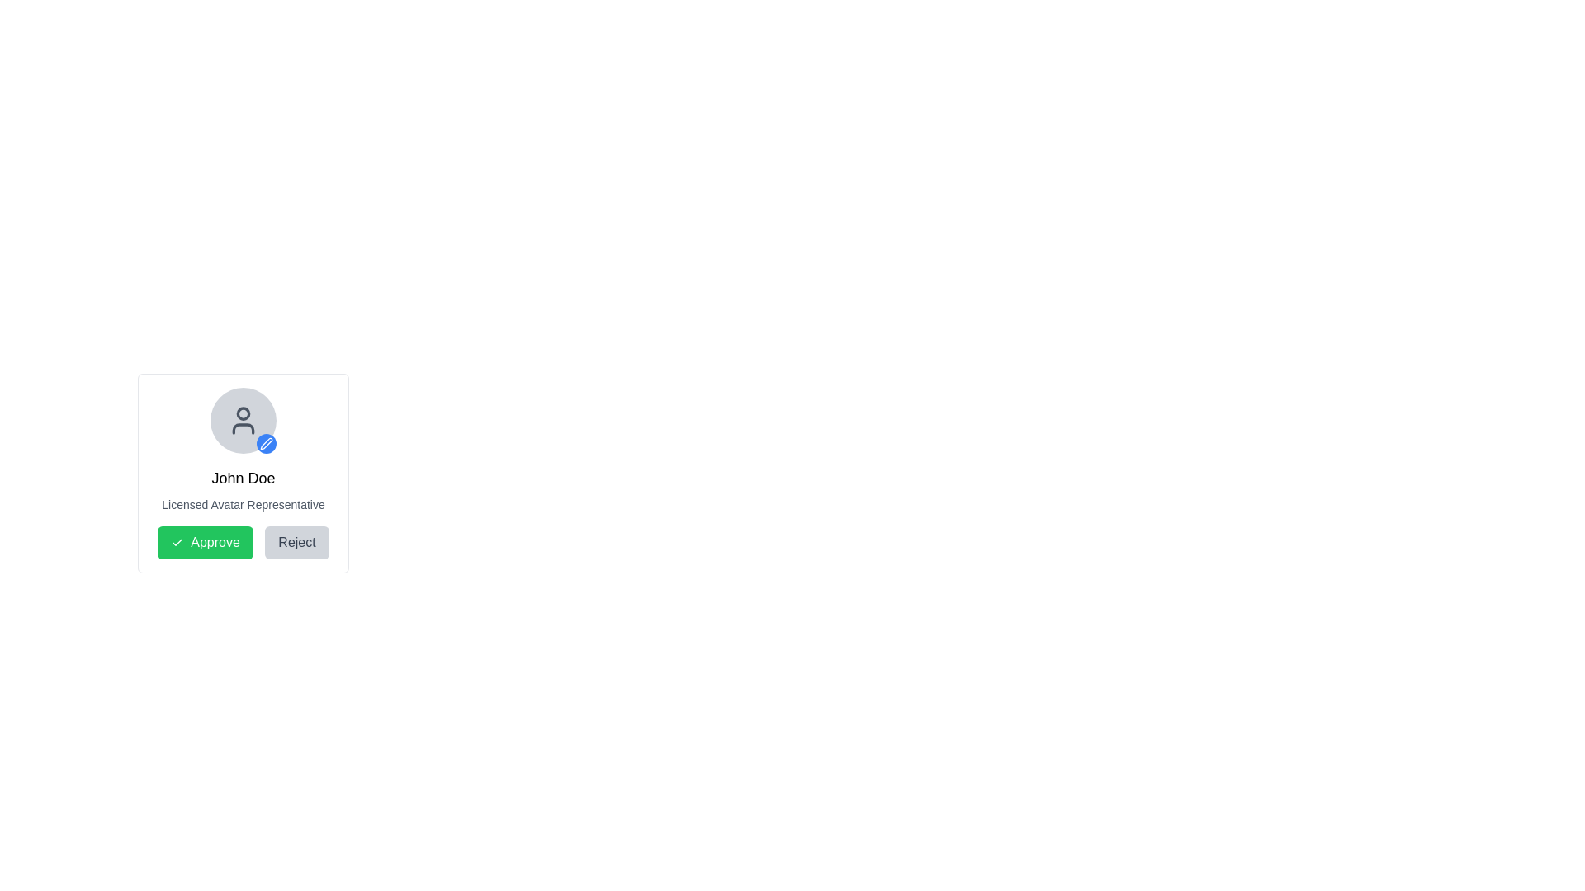 This screenshot has width=1585, height=891. Describe the element at coordinates (242, 419) in the screenshot. I see `the user icon, which is a simple outline figure of a person centered in a gray circular background above the text 'John Doe'` at that location.